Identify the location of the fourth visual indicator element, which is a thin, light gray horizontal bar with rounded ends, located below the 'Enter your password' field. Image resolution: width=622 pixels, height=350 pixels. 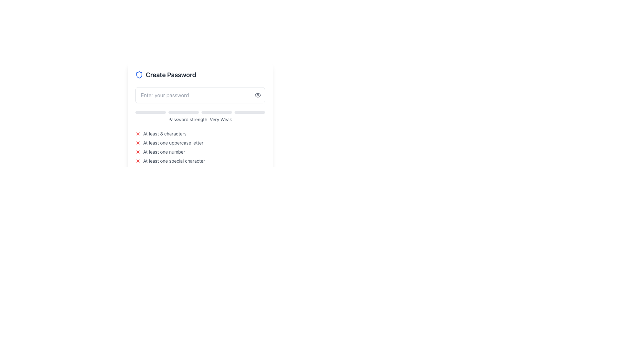
(249, 112).